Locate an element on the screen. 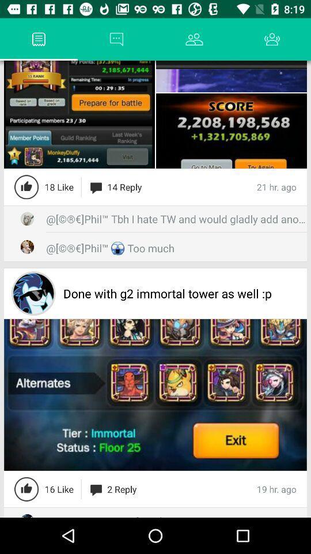 The height and width of the screenshot is (554, 311). a thumbs up symbol that represents a like is located at coordinates (26, 187).